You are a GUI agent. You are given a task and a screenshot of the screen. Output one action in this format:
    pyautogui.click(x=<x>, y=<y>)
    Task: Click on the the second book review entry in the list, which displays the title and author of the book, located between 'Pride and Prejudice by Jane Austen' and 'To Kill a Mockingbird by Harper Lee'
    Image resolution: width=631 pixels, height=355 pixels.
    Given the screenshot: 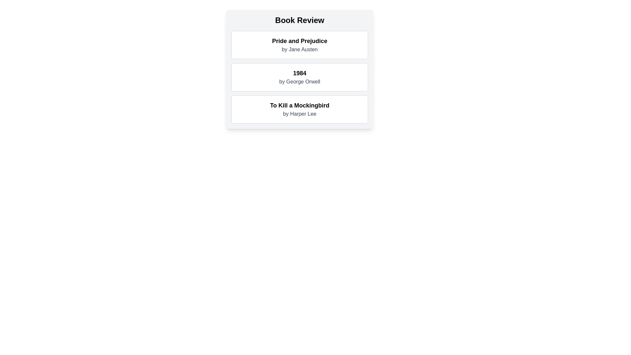 What is the action you would take?
    pyautogui.click(x=299, y=77)
    